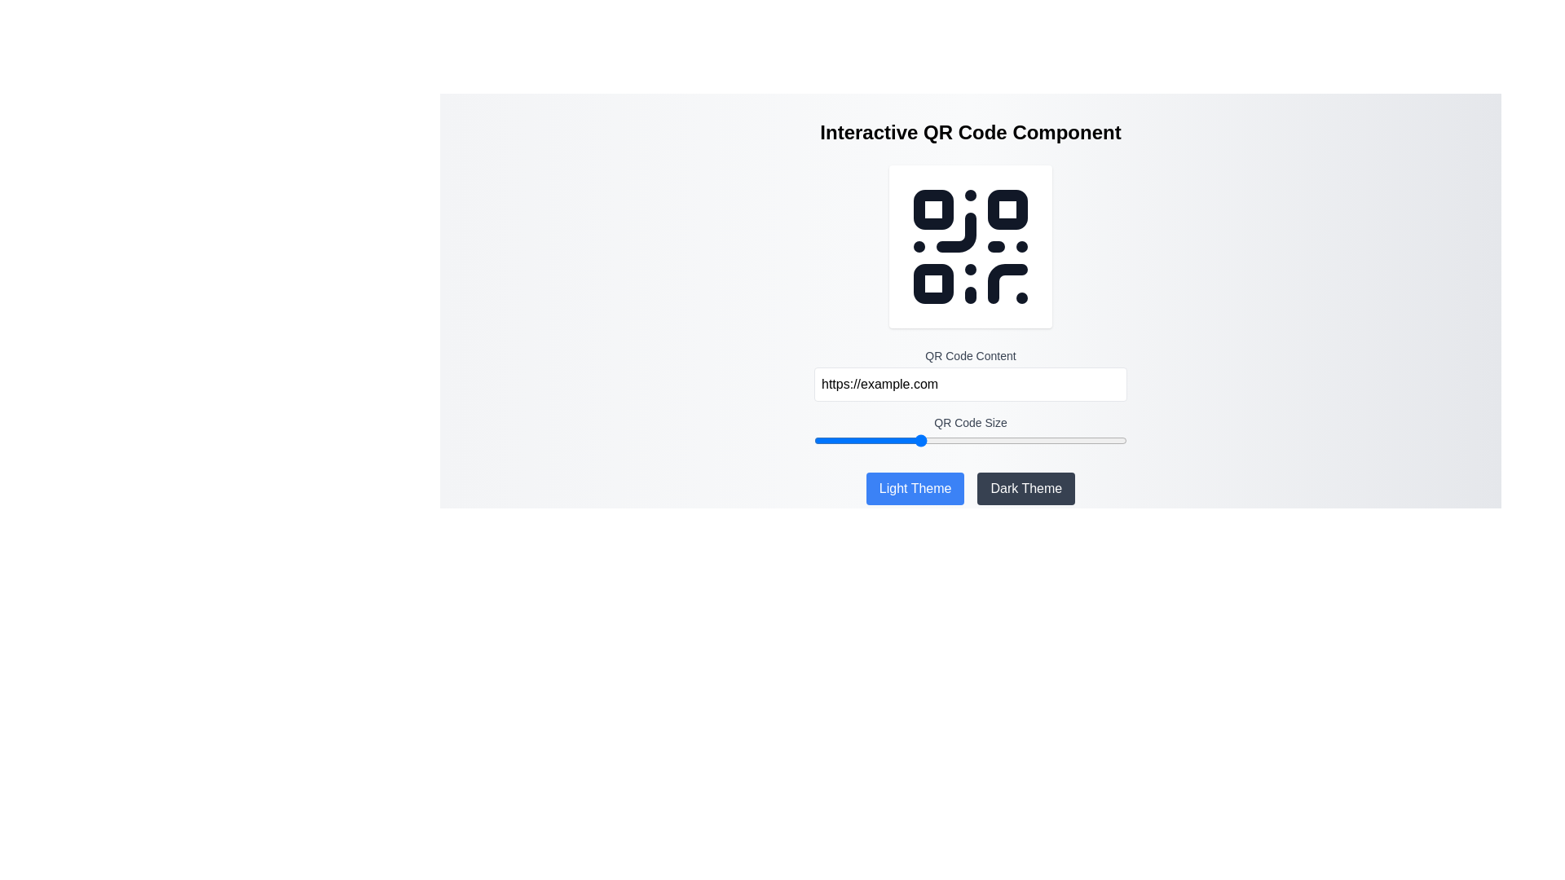  Describe the element at coordinates (1024, 440) in the screenshot. I see `the QR Code size` at that location.